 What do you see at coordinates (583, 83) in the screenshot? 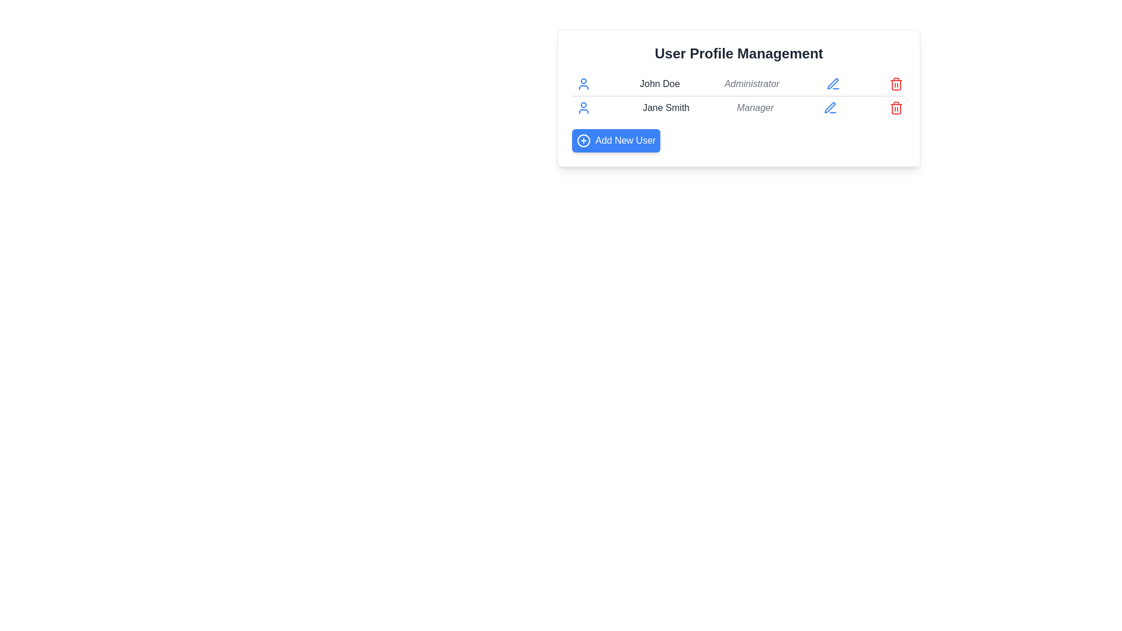
I see `the outlined blue user icon located to the left of the text 'John Doe', which is part of a vertically aligned list of user rows` at bounding box center [583, 83].